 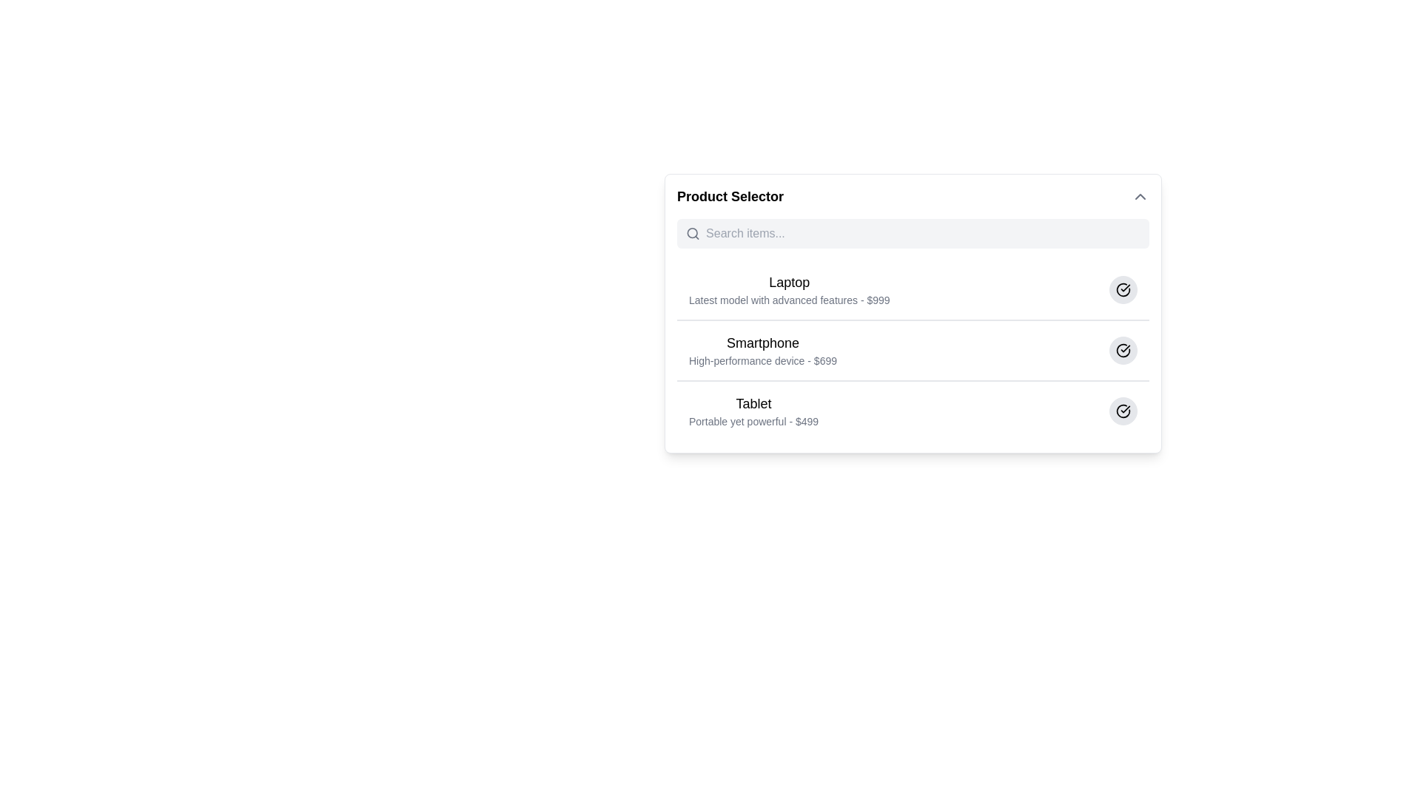 I want to click on text label displaying 'Laptop' in bold at the top of the Product Selector interface, so click(x=788, y=282).